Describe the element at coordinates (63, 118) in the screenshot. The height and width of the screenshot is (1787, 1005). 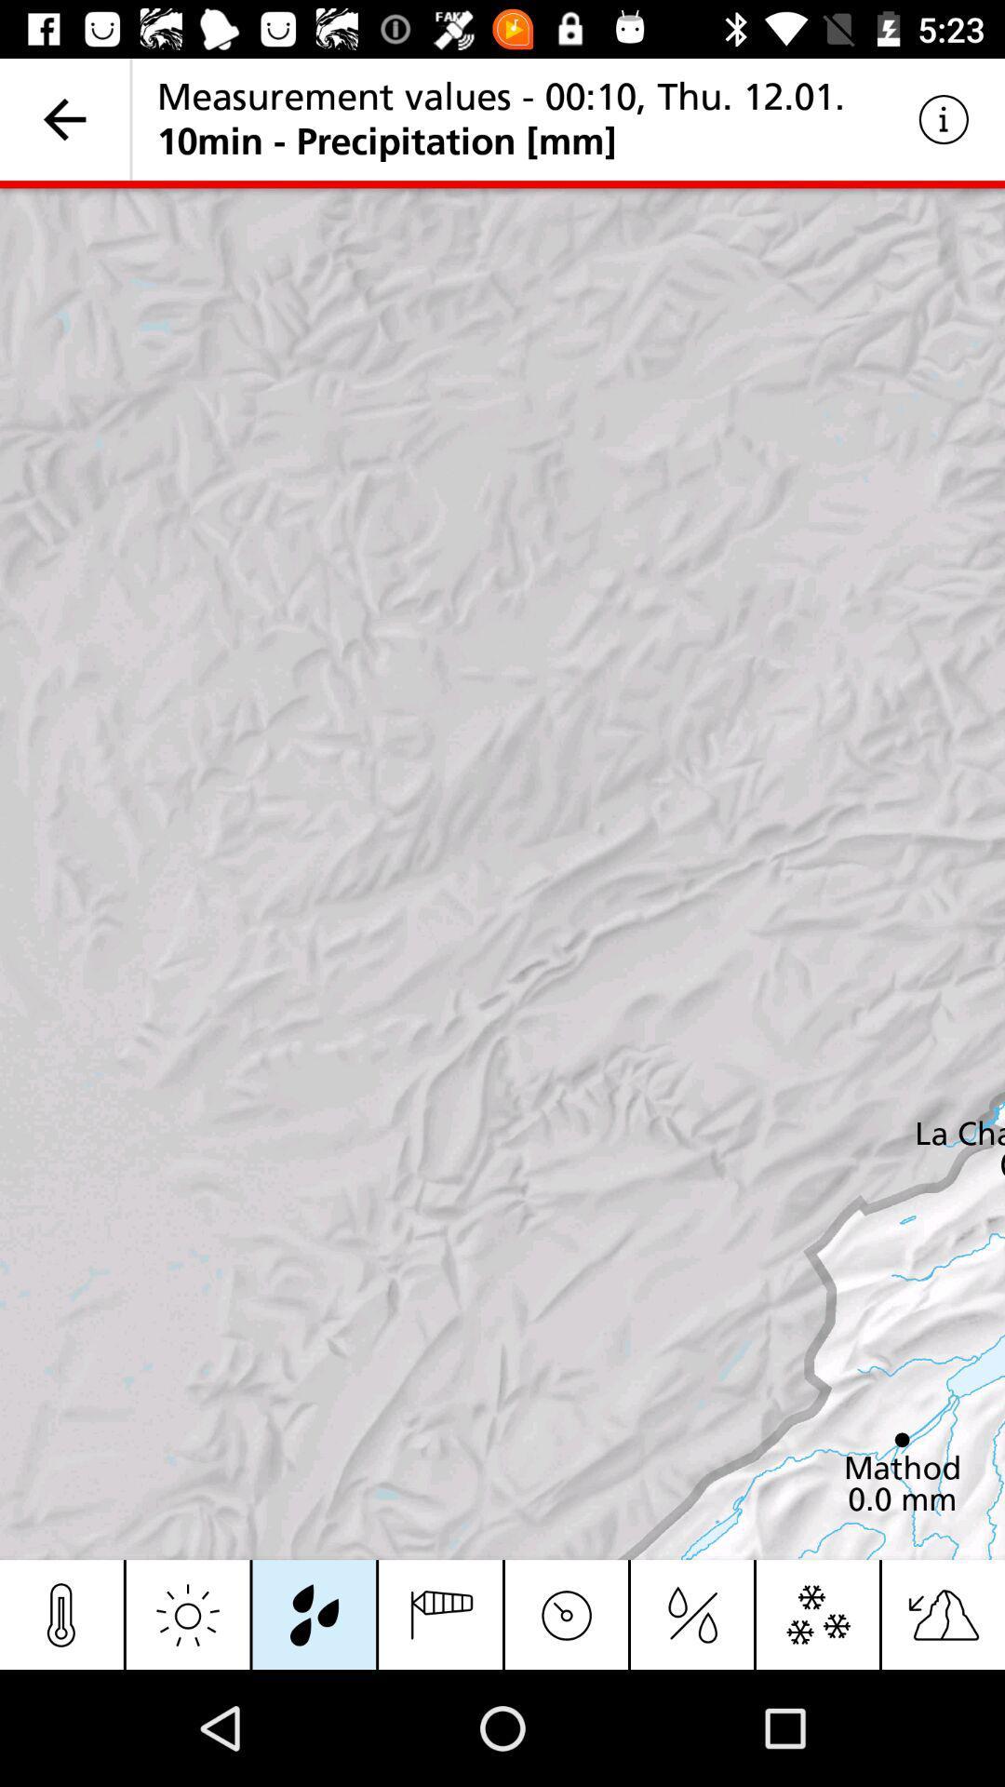
I see `item at the top left corner` at that location.